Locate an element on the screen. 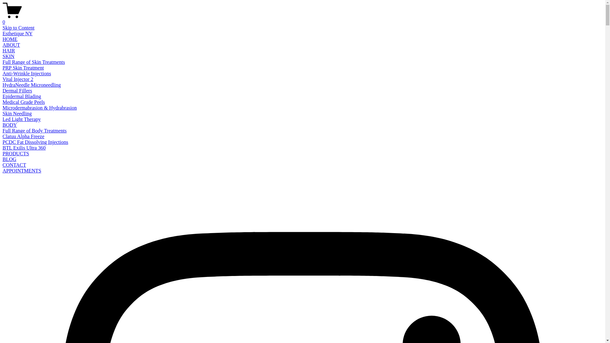  'Medical Grade Peels' is located at coordinates (24, 102).